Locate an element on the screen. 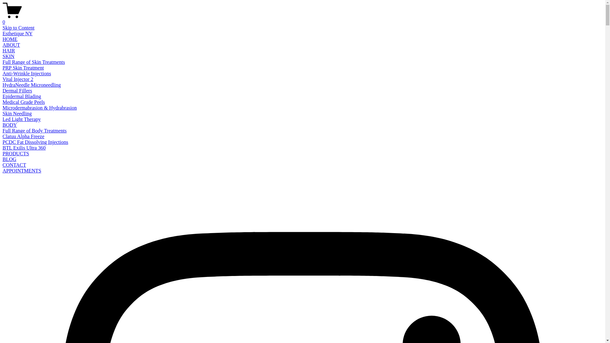  'Medical Grade Peels' is located at coordinates (24, 102).